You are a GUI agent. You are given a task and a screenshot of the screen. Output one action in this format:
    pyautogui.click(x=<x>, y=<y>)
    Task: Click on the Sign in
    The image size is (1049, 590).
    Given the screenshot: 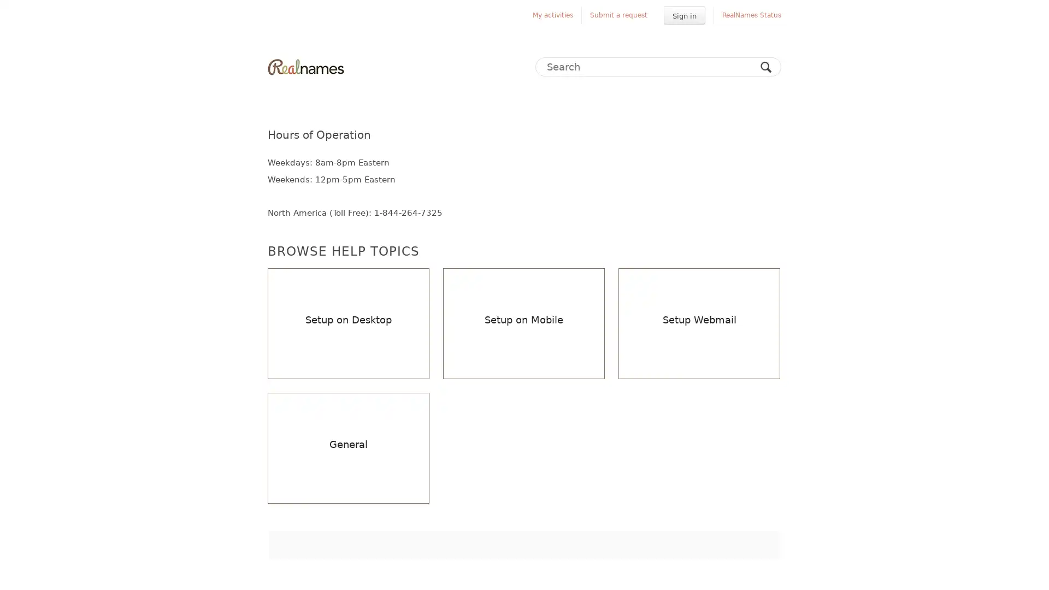 What is the action you would take?
    pyautogui.click(x=683, y=15)
    